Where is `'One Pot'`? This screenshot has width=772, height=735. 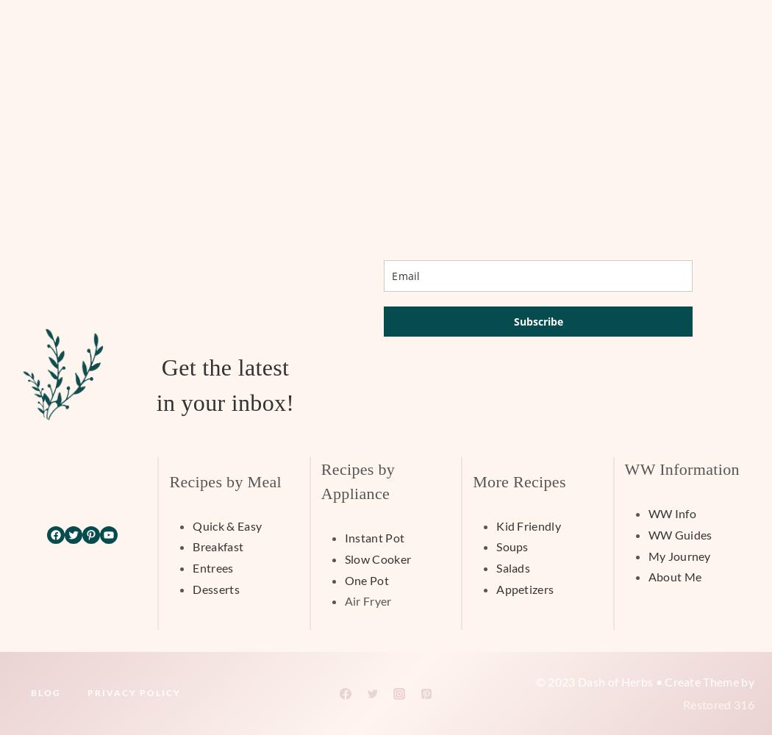
'One Pot' is located at coordinates (365, 579).